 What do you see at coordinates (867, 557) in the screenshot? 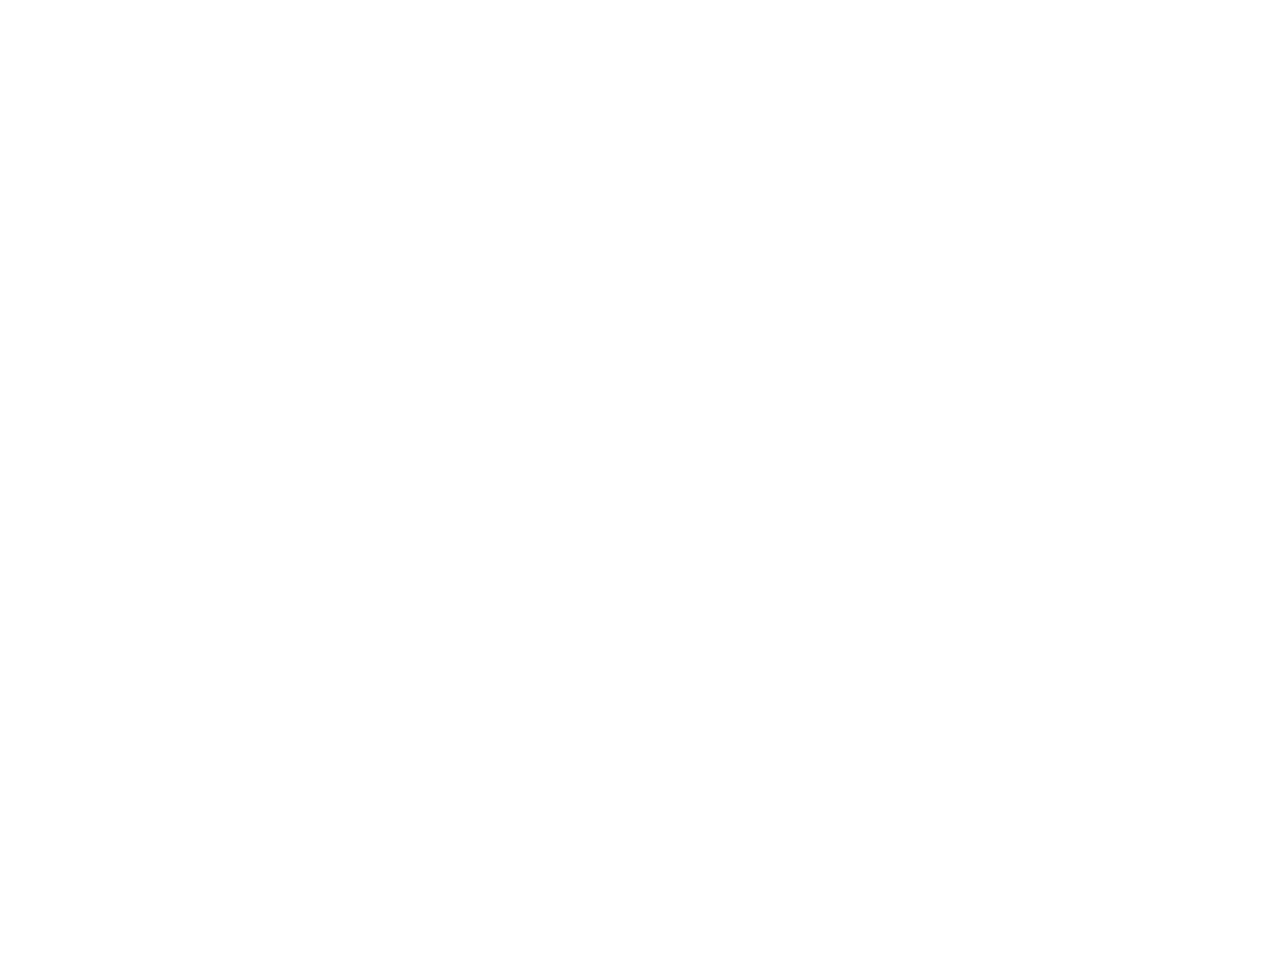
I see `'Enquiries & Sales'` at bounding box center [867, 557].